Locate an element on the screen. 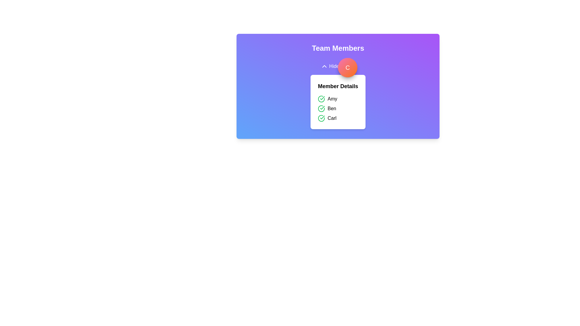 This screenshot has height=326, width=580. the informational card displaying member details, which is centrally located in the 'Team Members' section with a purple gradient background, beneath the 'Hide Details' button is located at coordinates (337, 93).